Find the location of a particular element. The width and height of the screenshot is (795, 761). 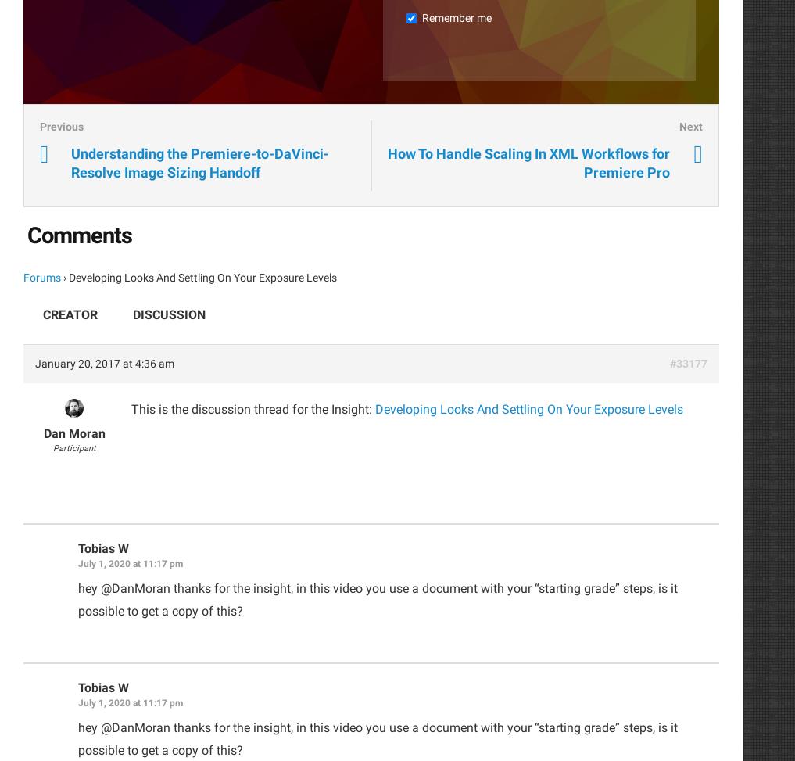

'Forums' is located at coordinates (41, 277).